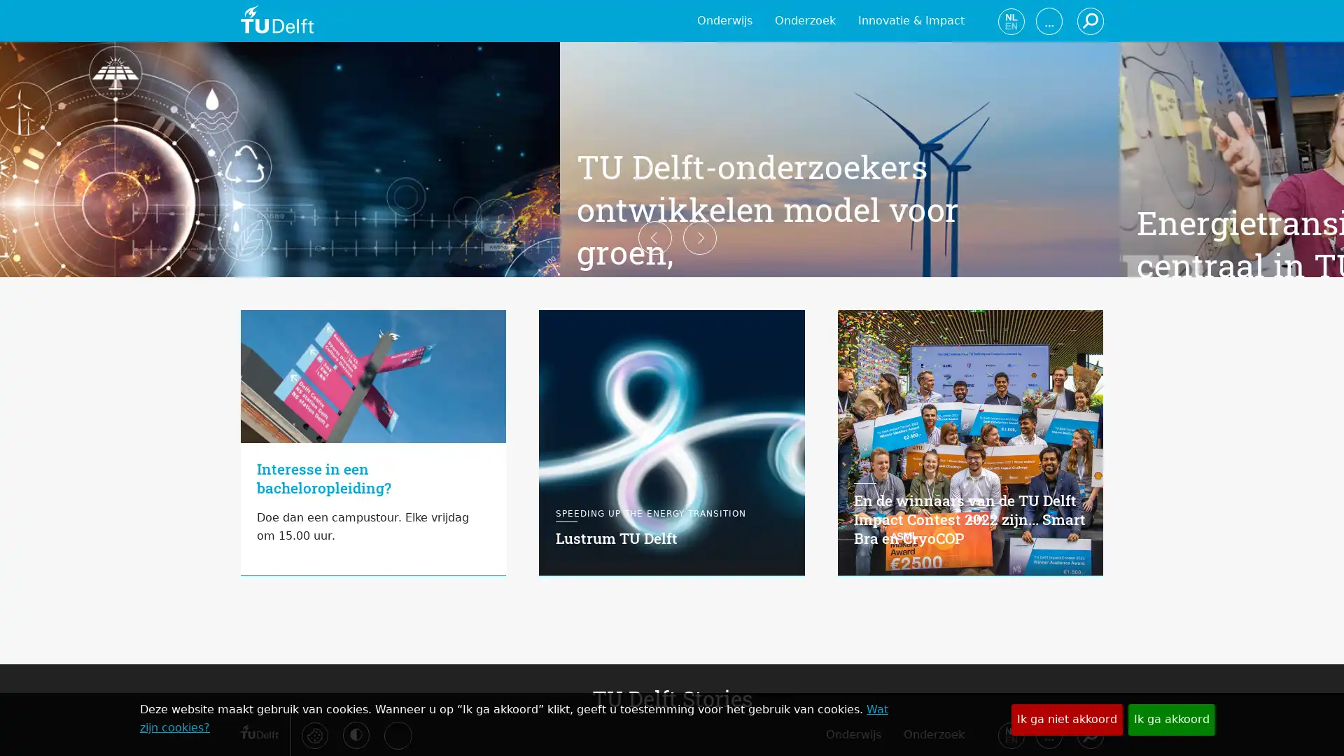 Image resolution: width=1344 pixels, height=756 pixels. Describe the element at coordinates (1125, 378) in the screenshot. I see `Ga naar volgend item` at that location.